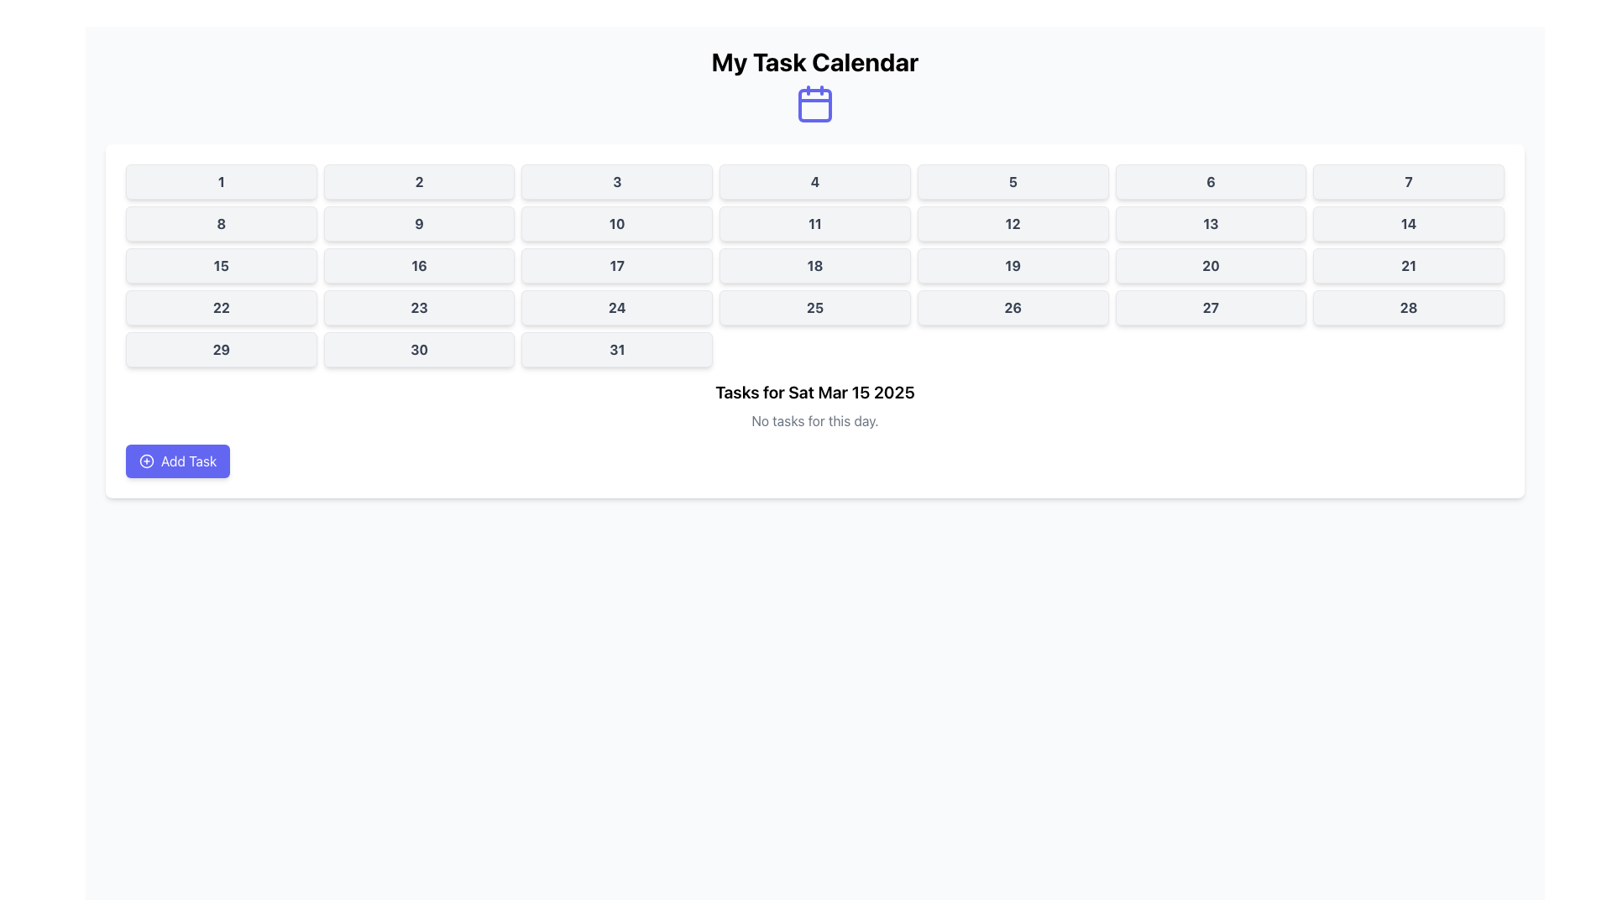  What do you see at coordinates (1012, 181) in the screenshot?
I see `the calendar date button representing '5'` at bounding box center [1012, 181].